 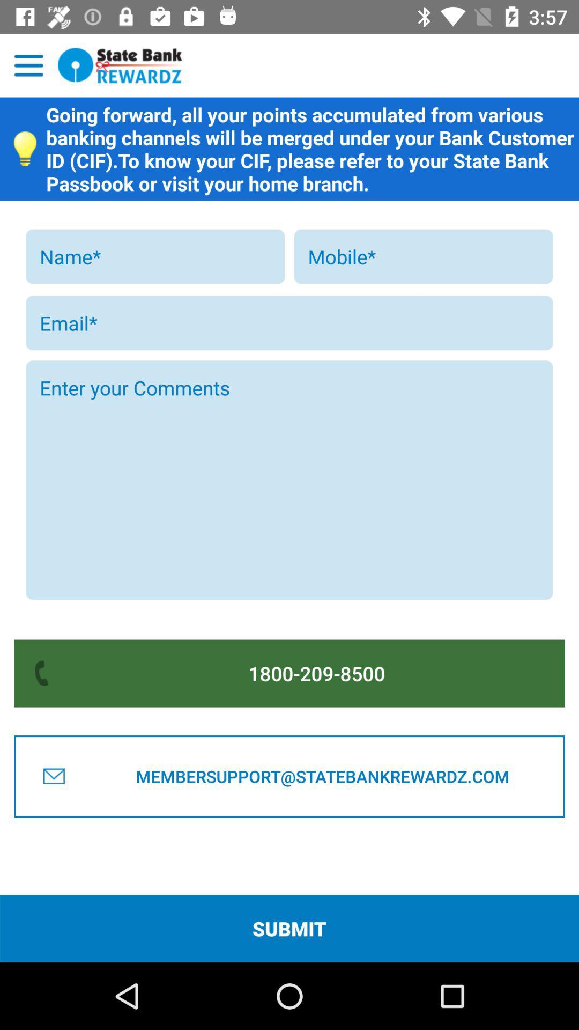 I want to click on mobile adding button, so click(x=423, y=256).